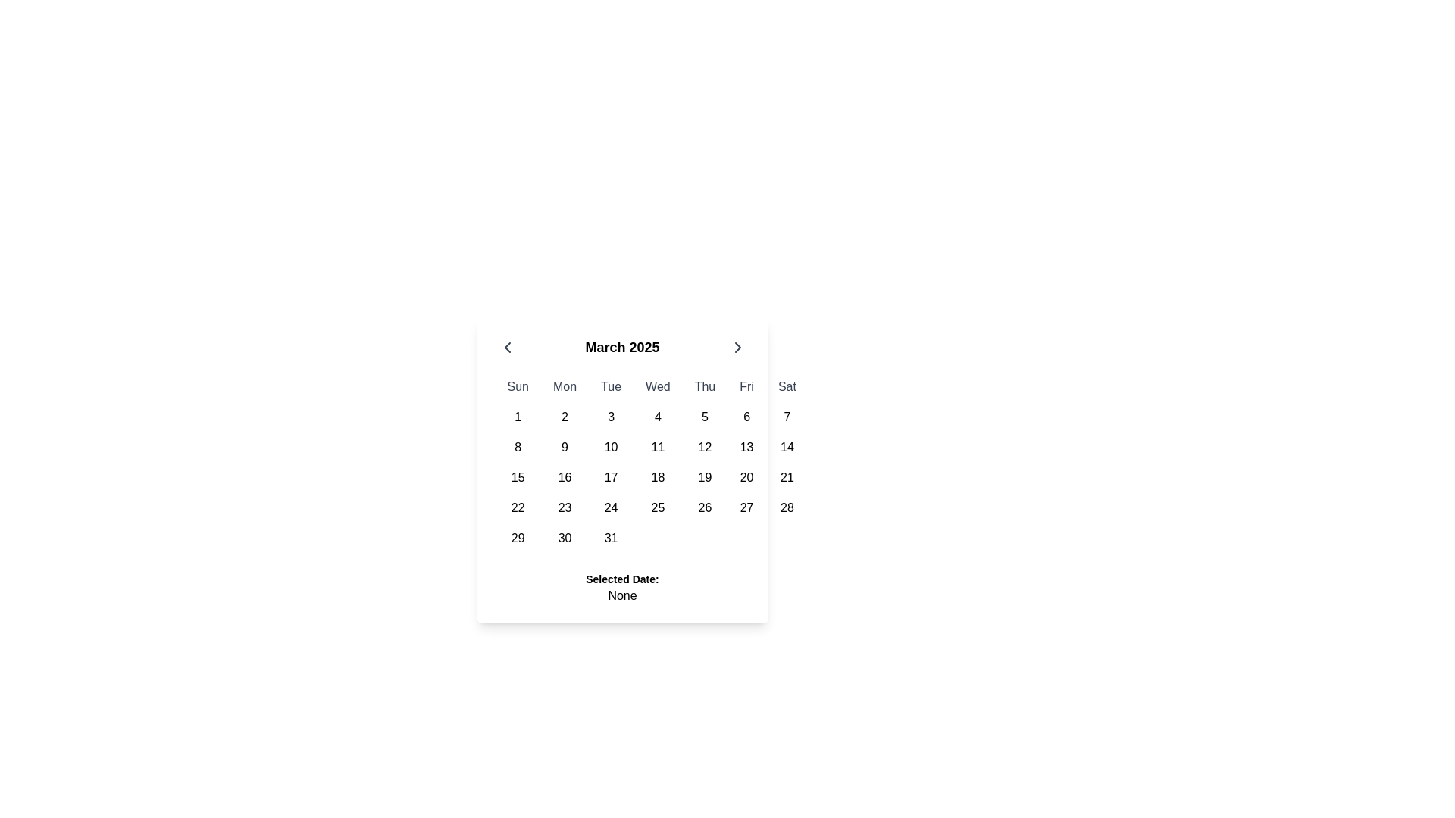  Describe the element at coordinates (507, 348) in the screenshot. I see `the button that navigates to the previous month in the calendar view` at that location.